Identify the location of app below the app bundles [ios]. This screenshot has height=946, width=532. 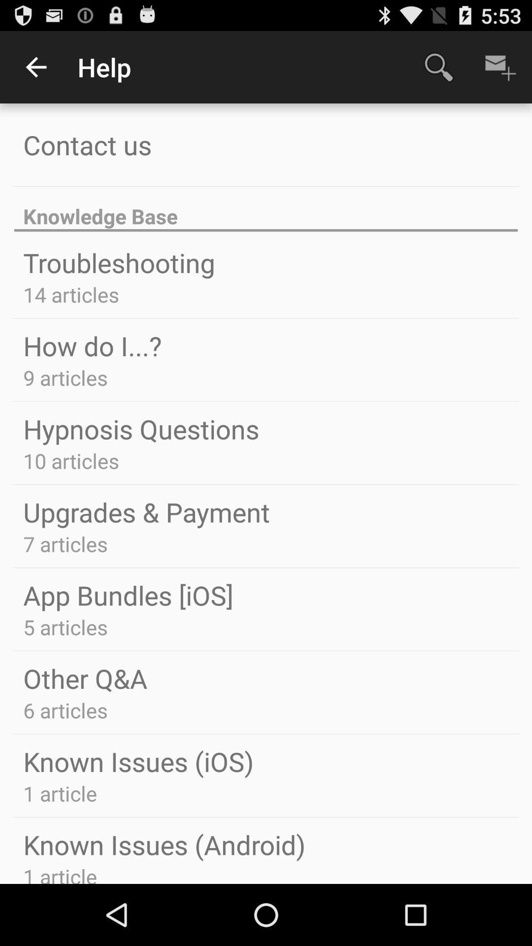
(66, 626).